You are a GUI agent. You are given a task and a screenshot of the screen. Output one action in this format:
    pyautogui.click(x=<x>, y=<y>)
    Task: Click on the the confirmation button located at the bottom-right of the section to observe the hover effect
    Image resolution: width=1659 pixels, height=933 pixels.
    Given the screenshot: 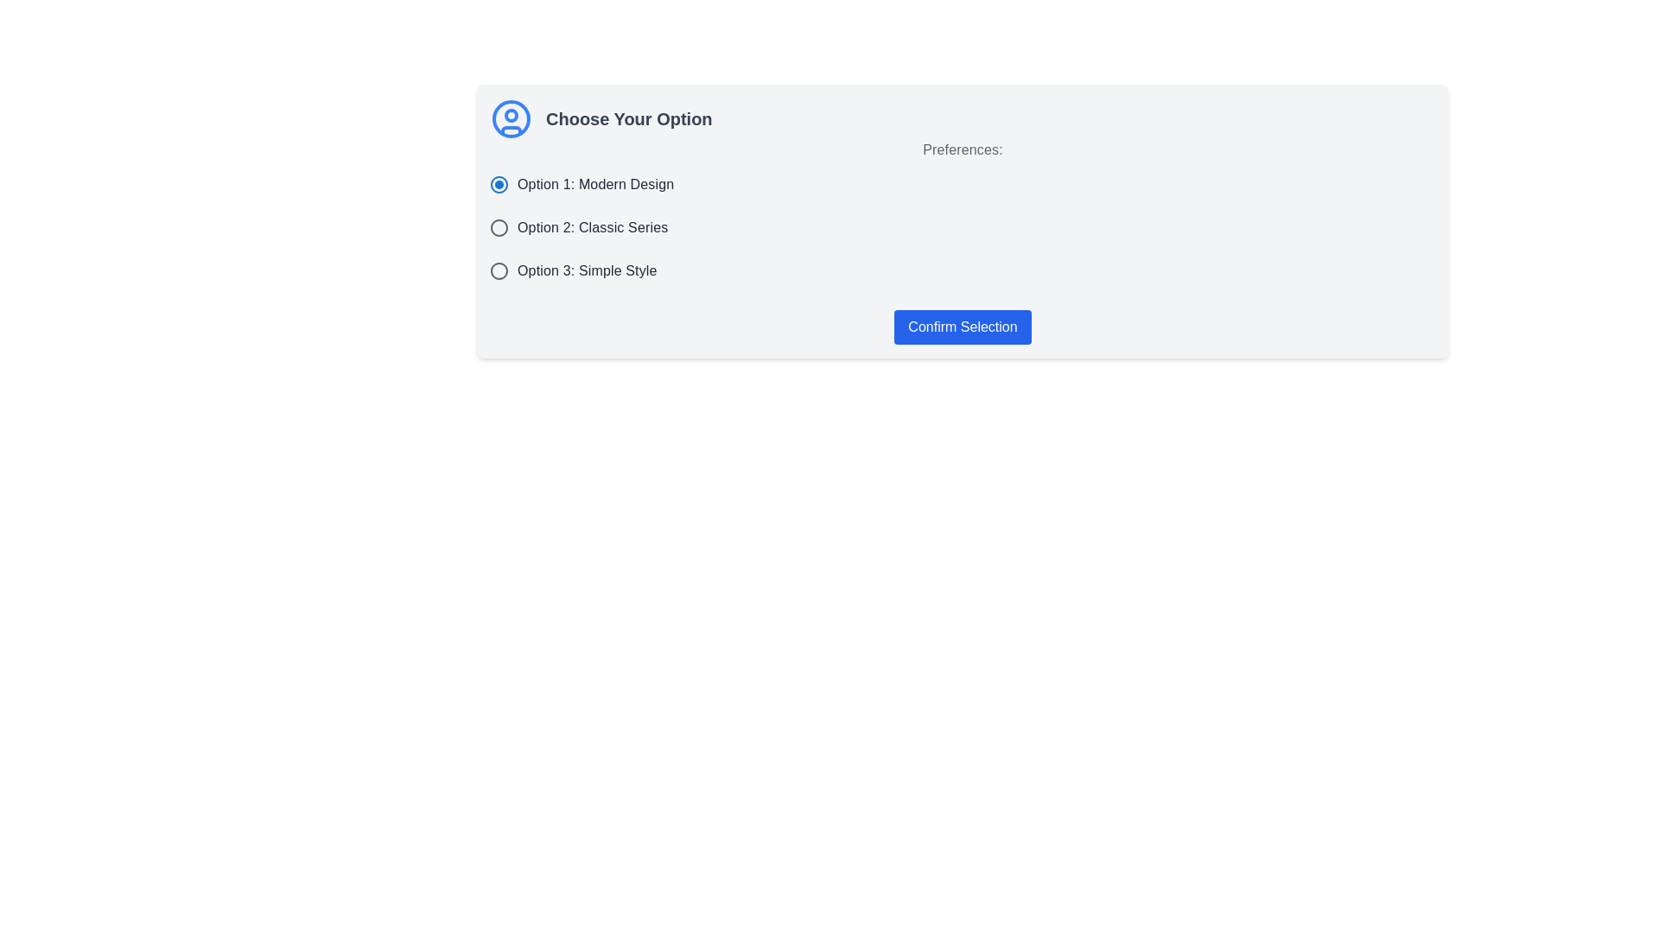 What is the action you would take?
    pyautogui.click(x=962, y=327)
    